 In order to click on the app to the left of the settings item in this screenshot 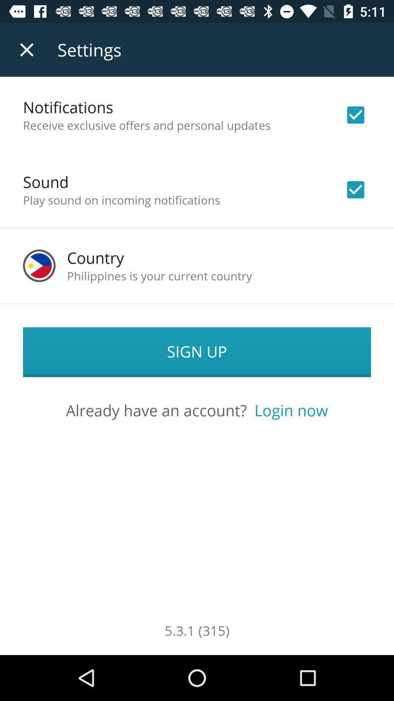, I will do `click(26, 49)`.